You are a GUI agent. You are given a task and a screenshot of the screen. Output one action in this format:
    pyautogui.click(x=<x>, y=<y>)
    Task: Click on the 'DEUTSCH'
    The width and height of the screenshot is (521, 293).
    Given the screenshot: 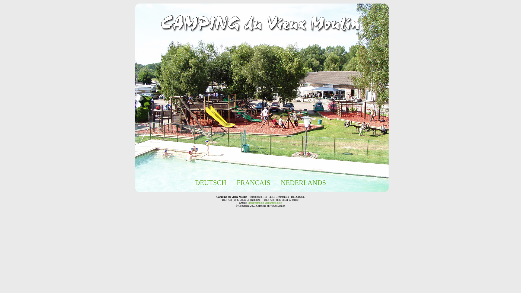 What is the action you would take?
    pyautogui.click(x=210, y=183)
    